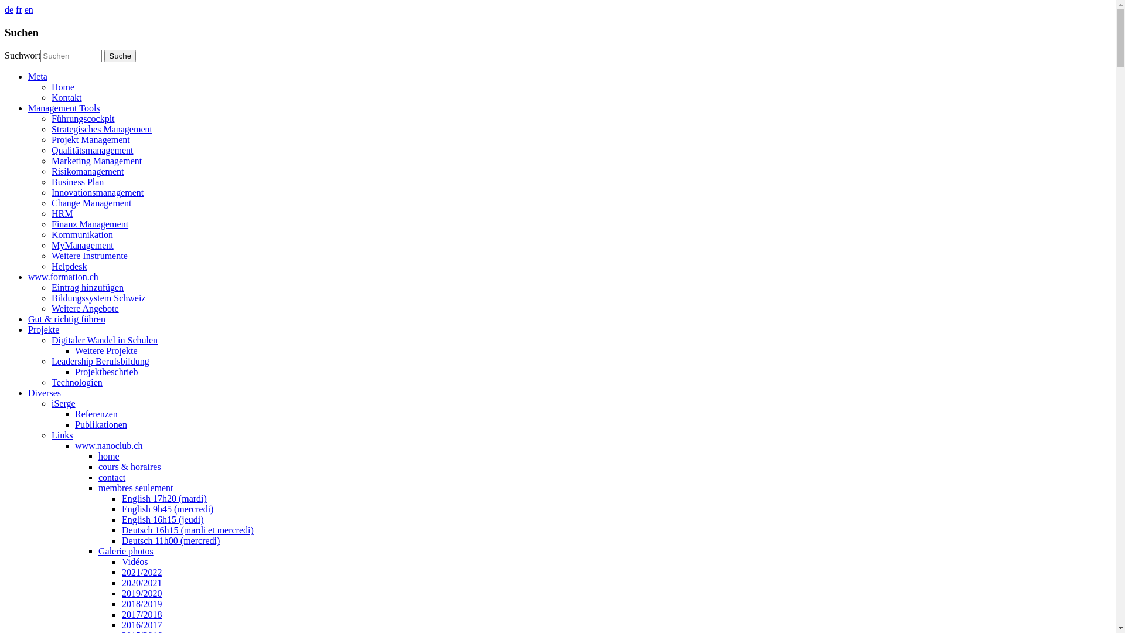 The height and width of the screenshot is (633, 1125). Describe the element at coordinates (108, 445) in the screenshot. I see `'www.nanoclub.ch'` at that location.